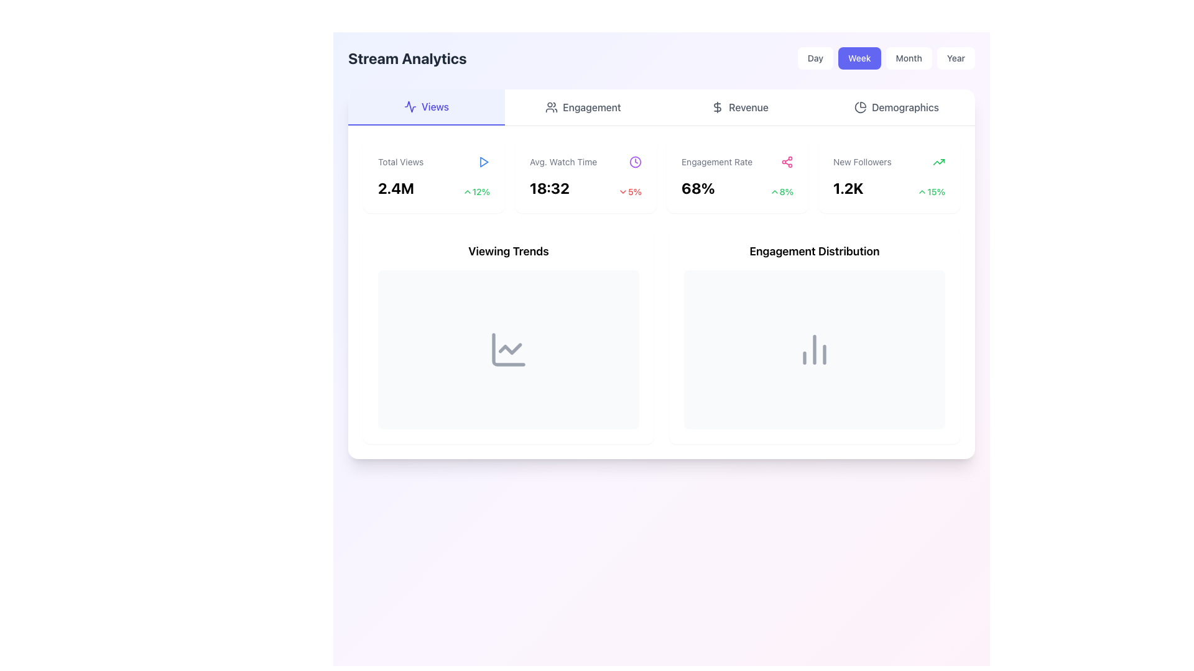 The image size is (1194, 671). I want to click on the text label displaying '12%' in green font, located in the top section of the interface under the 'Views' tab, right of the upward arrow icon, so click(480, 191).